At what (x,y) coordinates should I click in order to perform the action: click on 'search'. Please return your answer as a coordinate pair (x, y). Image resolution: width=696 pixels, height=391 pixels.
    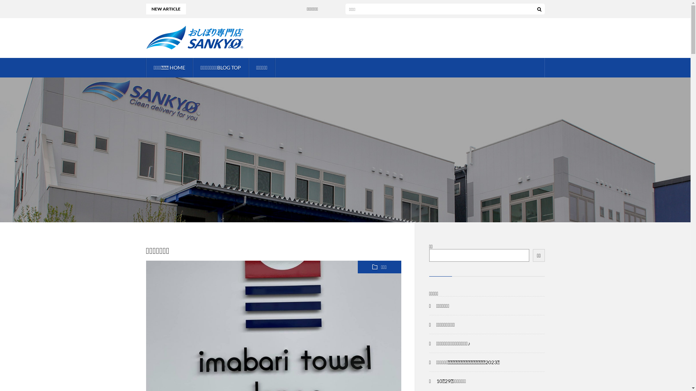
    Looking at the image, I should click on (539, 9).